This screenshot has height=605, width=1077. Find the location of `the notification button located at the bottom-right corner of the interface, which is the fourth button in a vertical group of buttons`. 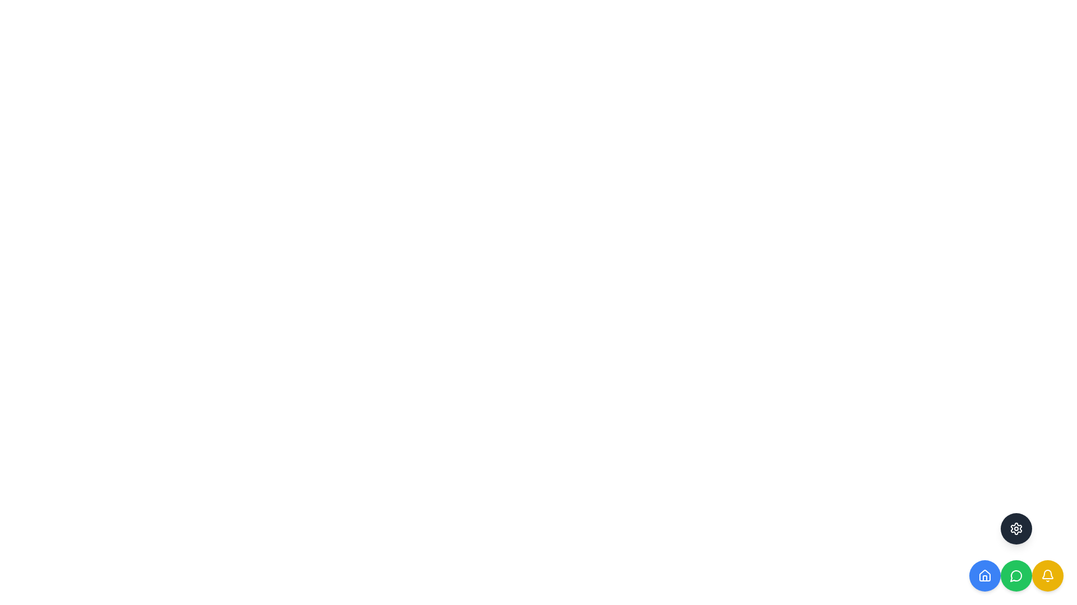

the notification button located at the bottom-right corner of the interface, which is the fourth button in a vertical group of buttons is located at coordinates (1047, 576).